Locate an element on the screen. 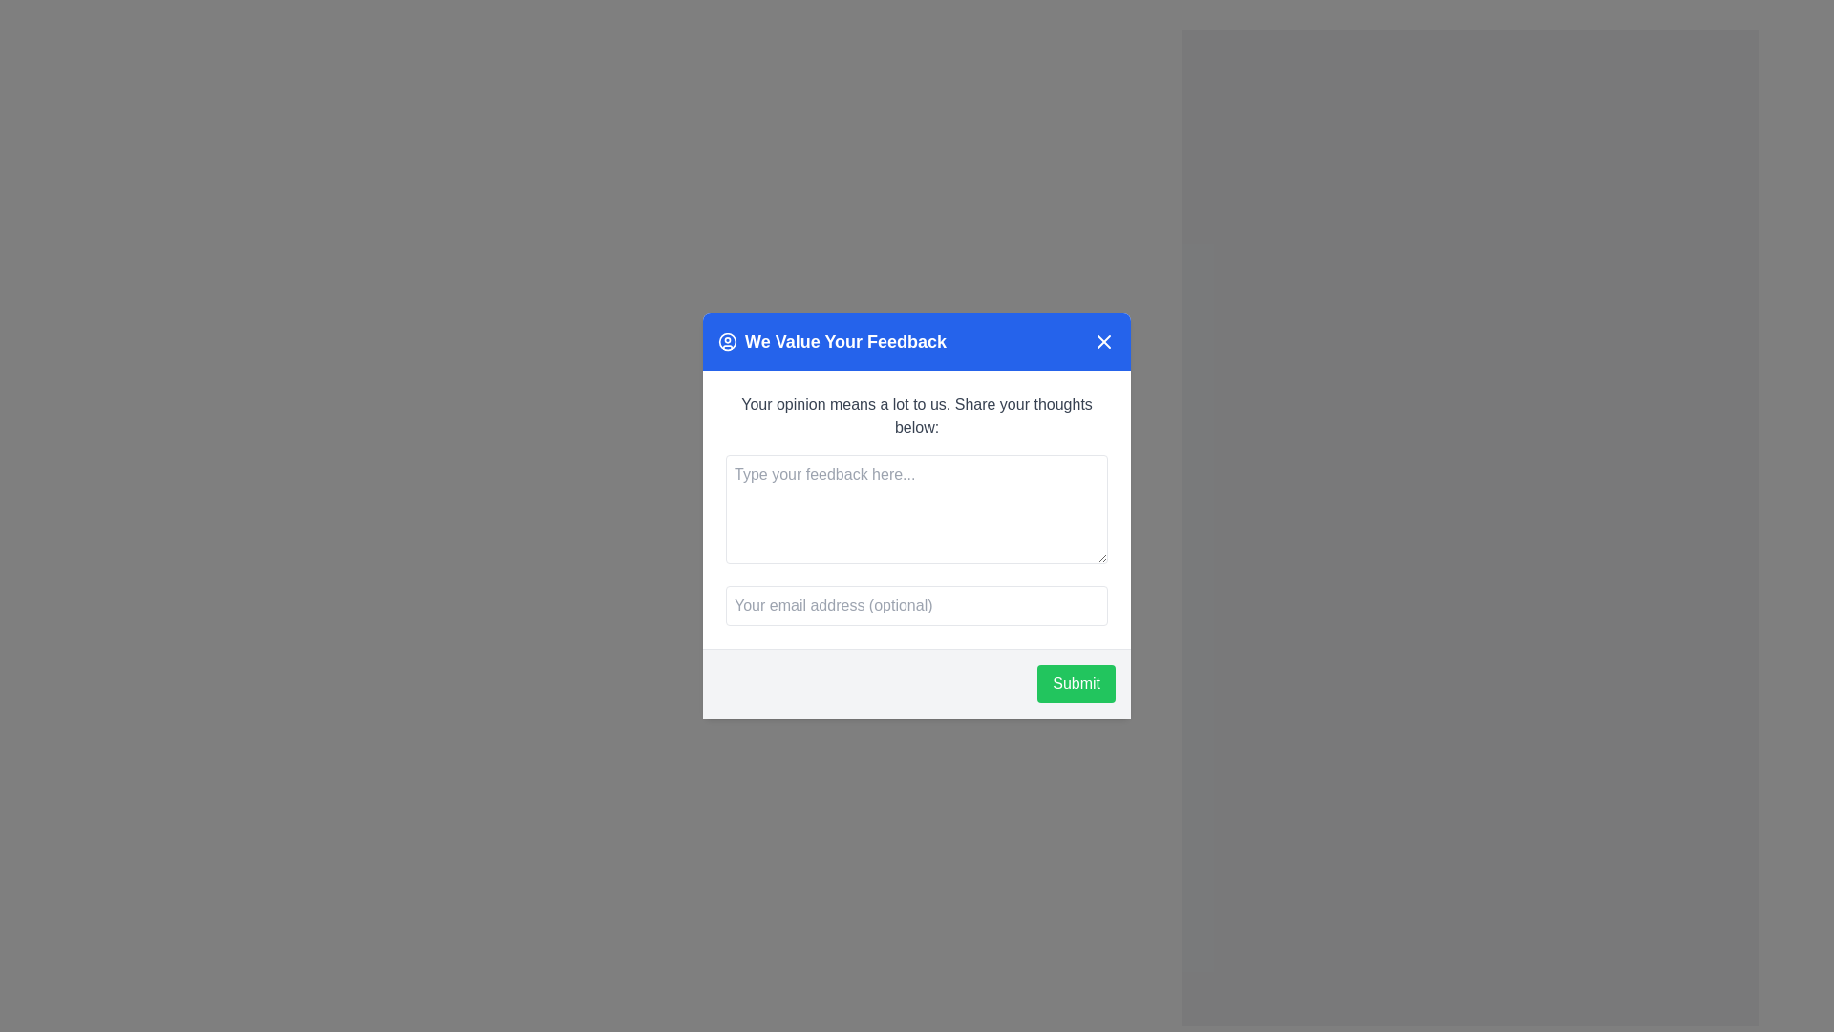 Image resolution: width=1834 pixels, height=1032 pixels. the close icon resembling an 'X' shape located in the top-right corner of the blue-header feedback form is located at coordinates (1104, 341).